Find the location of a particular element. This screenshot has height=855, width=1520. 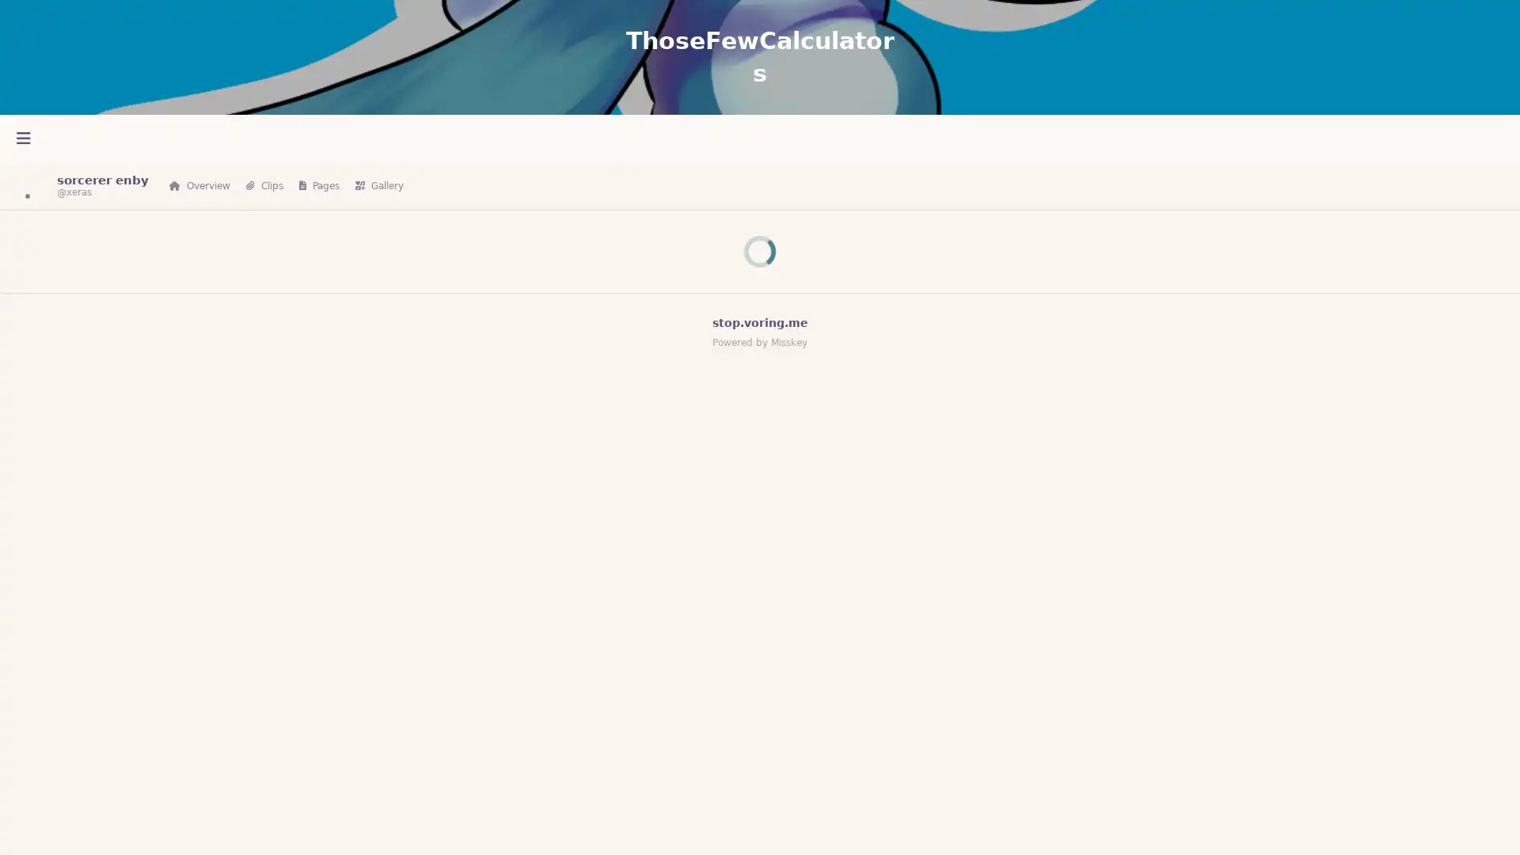

Pages is located at coordinates (318, 185).